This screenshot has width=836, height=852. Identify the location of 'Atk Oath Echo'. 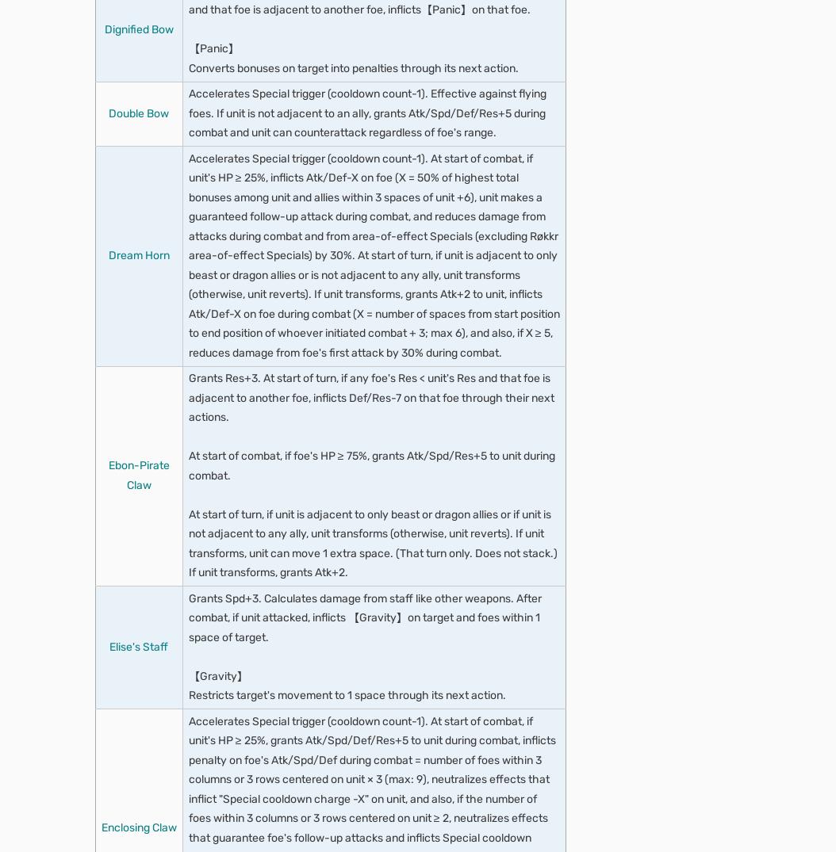
(164, 241).